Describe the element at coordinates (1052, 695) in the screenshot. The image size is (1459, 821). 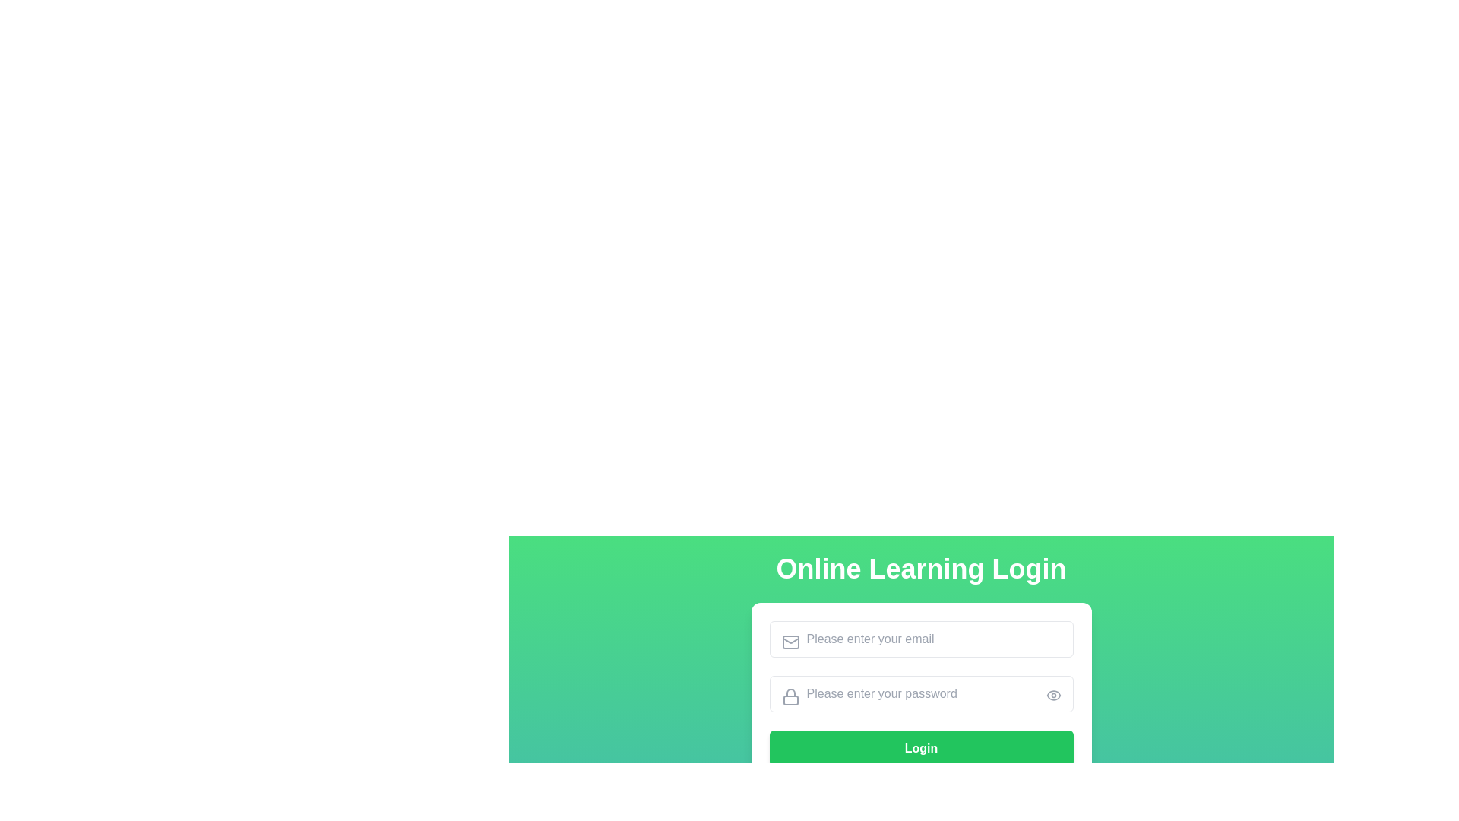
I see `the circular eye icon button in the top-right corner of the password input field` at that location.